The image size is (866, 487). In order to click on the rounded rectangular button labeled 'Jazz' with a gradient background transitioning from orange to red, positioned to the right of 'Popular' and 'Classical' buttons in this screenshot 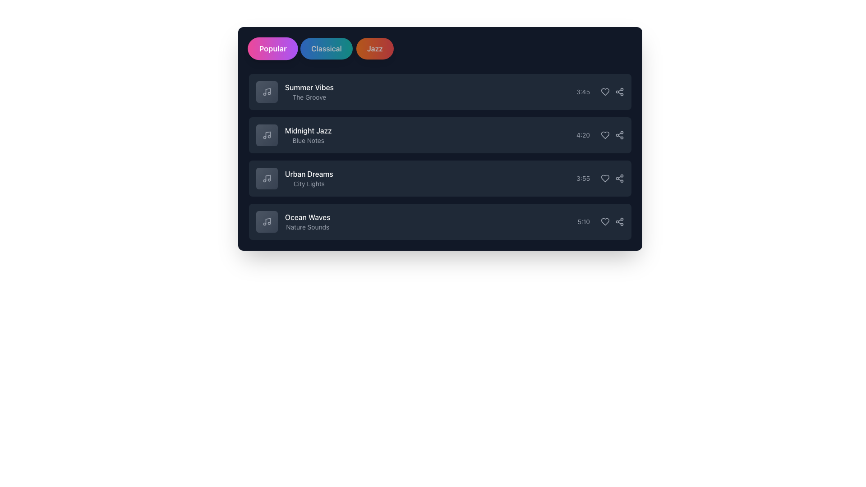, I will do `click(375, 49)`.